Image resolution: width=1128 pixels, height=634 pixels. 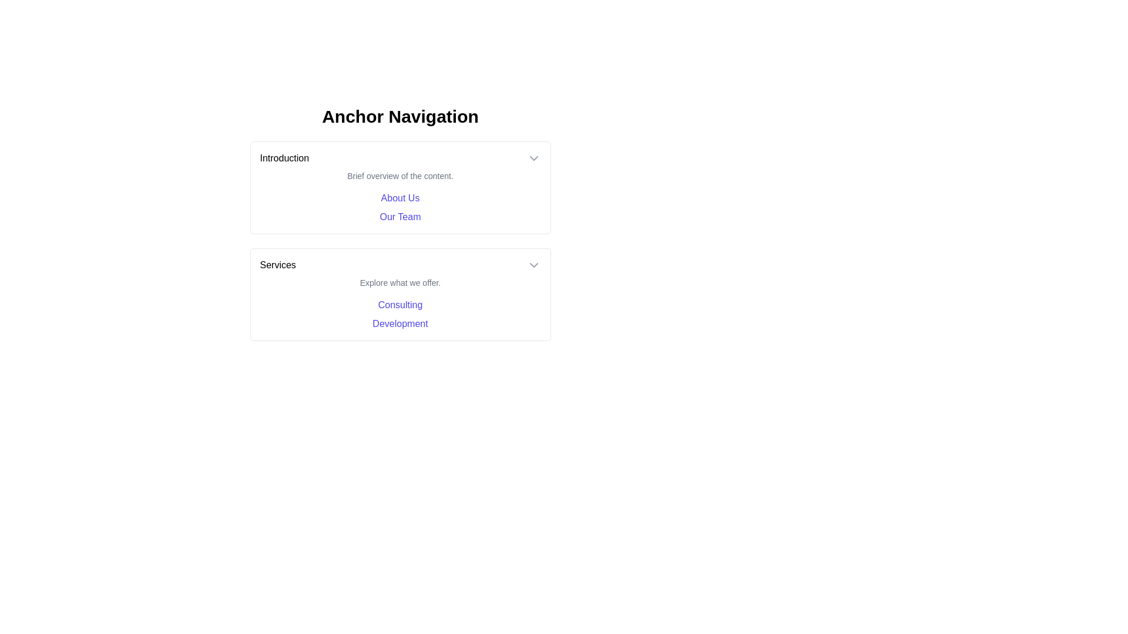 I want to click on the 'Consulting' hyperlink located in the 'Services' section, styled in indigo blue and underlined on hover, so click(x=400, y=304).